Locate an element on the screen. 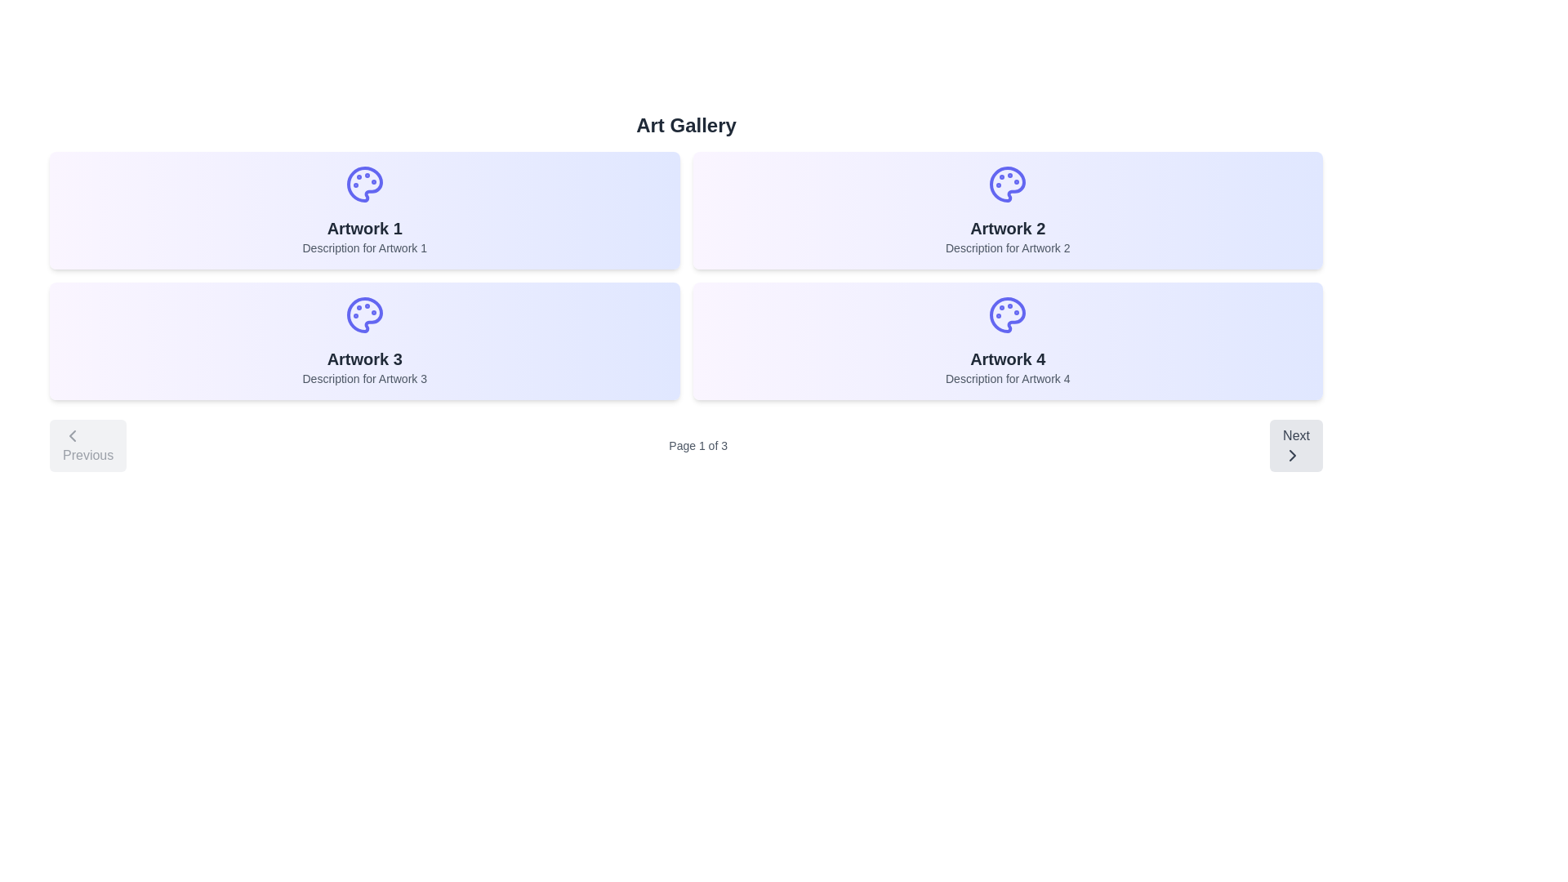 Image resolution: width=1568 pixels, height=882 pixels. the icon resembling an artist's palette, which is centrally placed within the card titled 'Artwork 2' is located at coordinates (1007, 184).